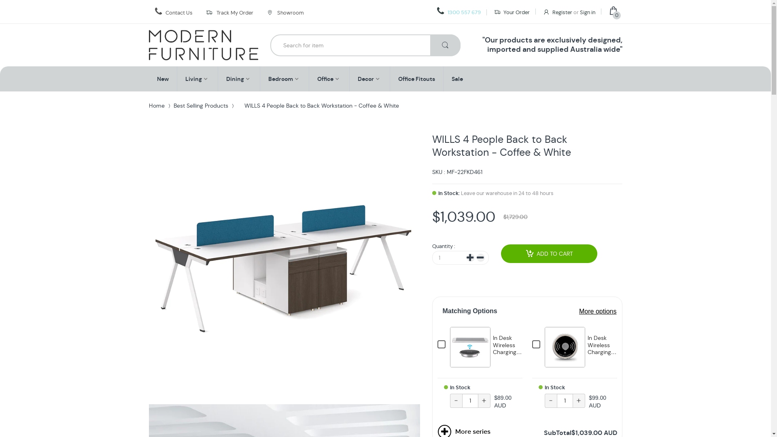  What do you see at coordinates (457, 79) in the screenshot?
I see `'Sale'` at bounding box center [457, 79].